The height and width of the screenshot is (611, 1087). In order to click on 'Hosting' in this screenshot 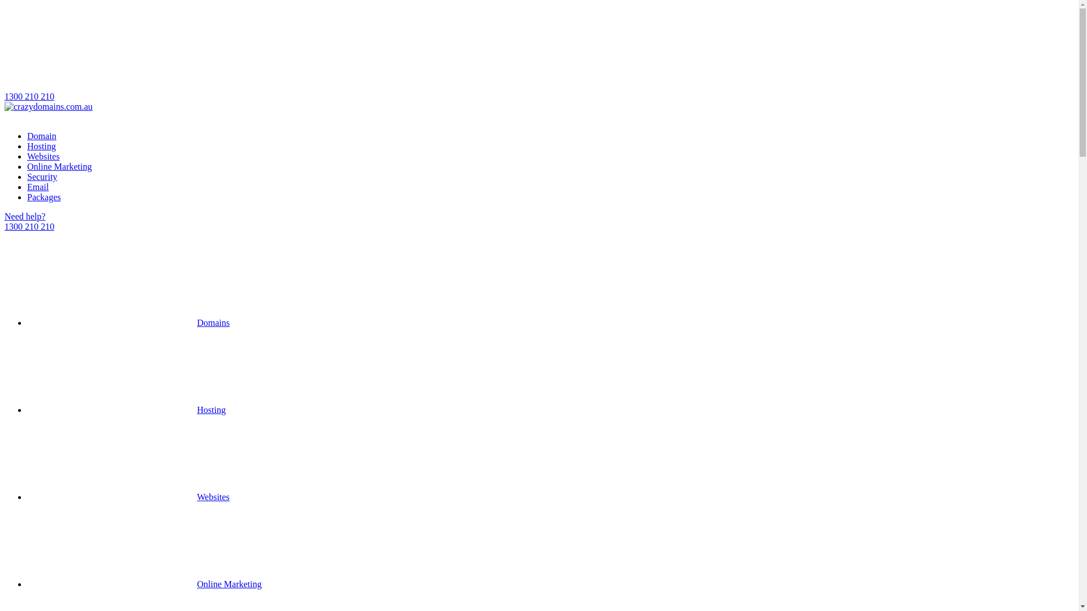, I will do `click(41, 145)`.